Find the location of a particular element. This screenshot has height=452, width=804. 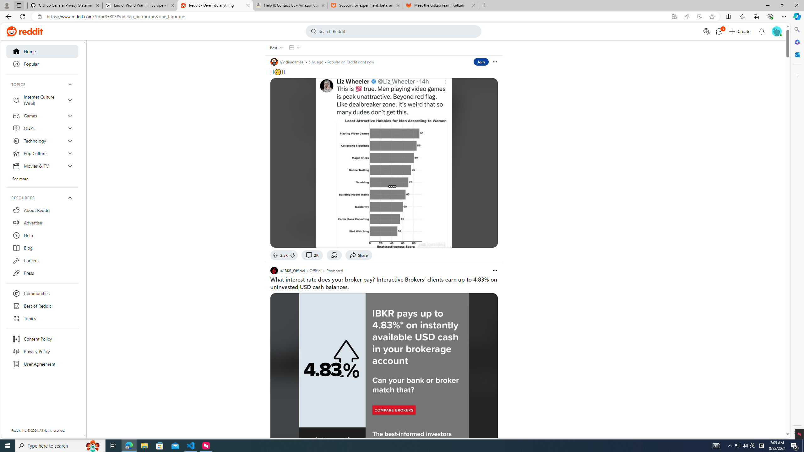

'TOPICS' is located at coordinates (42, 84).